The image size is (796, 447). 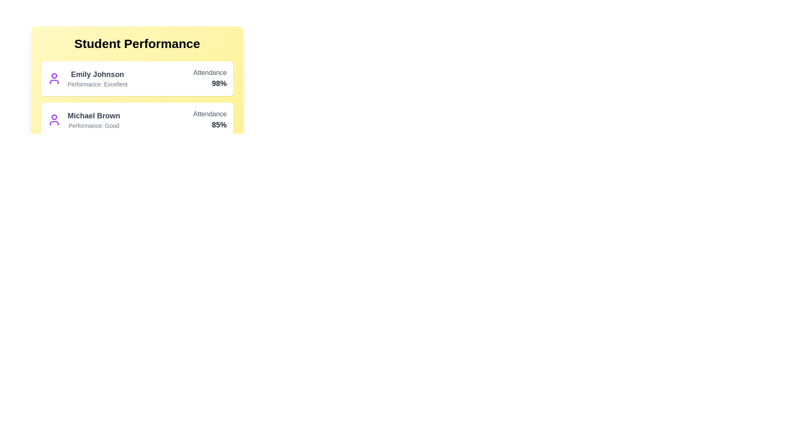 What do you see at coordinates (209, 83) in the screenshot?
I see `the attendance percentage of Emily Johnson to sort the list by attendance` at bounding box center [209, 83].